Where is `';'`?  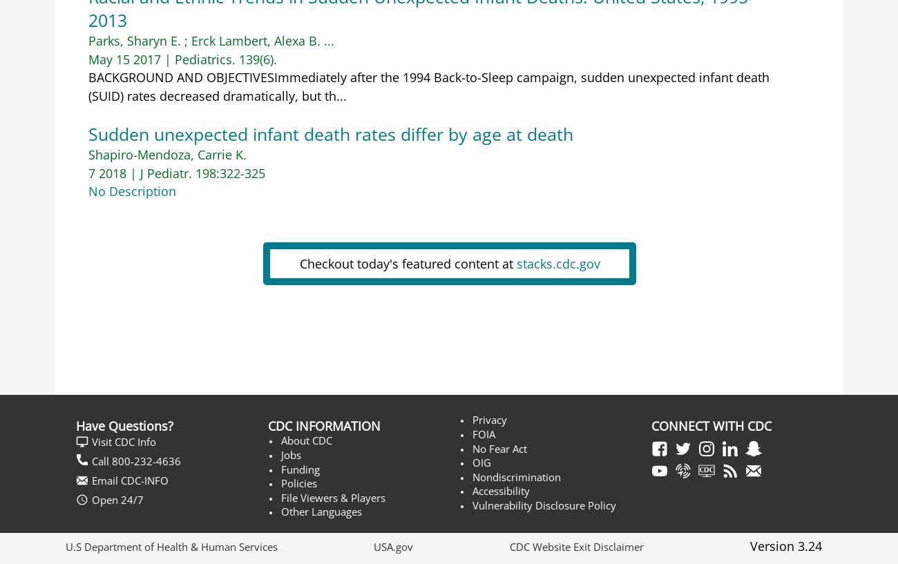
';' is located at coordinates (184, 39).